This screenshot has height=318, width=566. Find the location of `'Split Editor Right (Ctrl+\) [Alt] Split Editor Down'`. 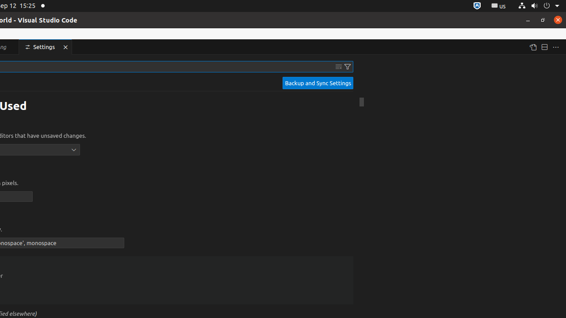

'Split Editor Right (Ctrl+\) [Alt] Split Editor Down' is located at coordinates (543, 47).